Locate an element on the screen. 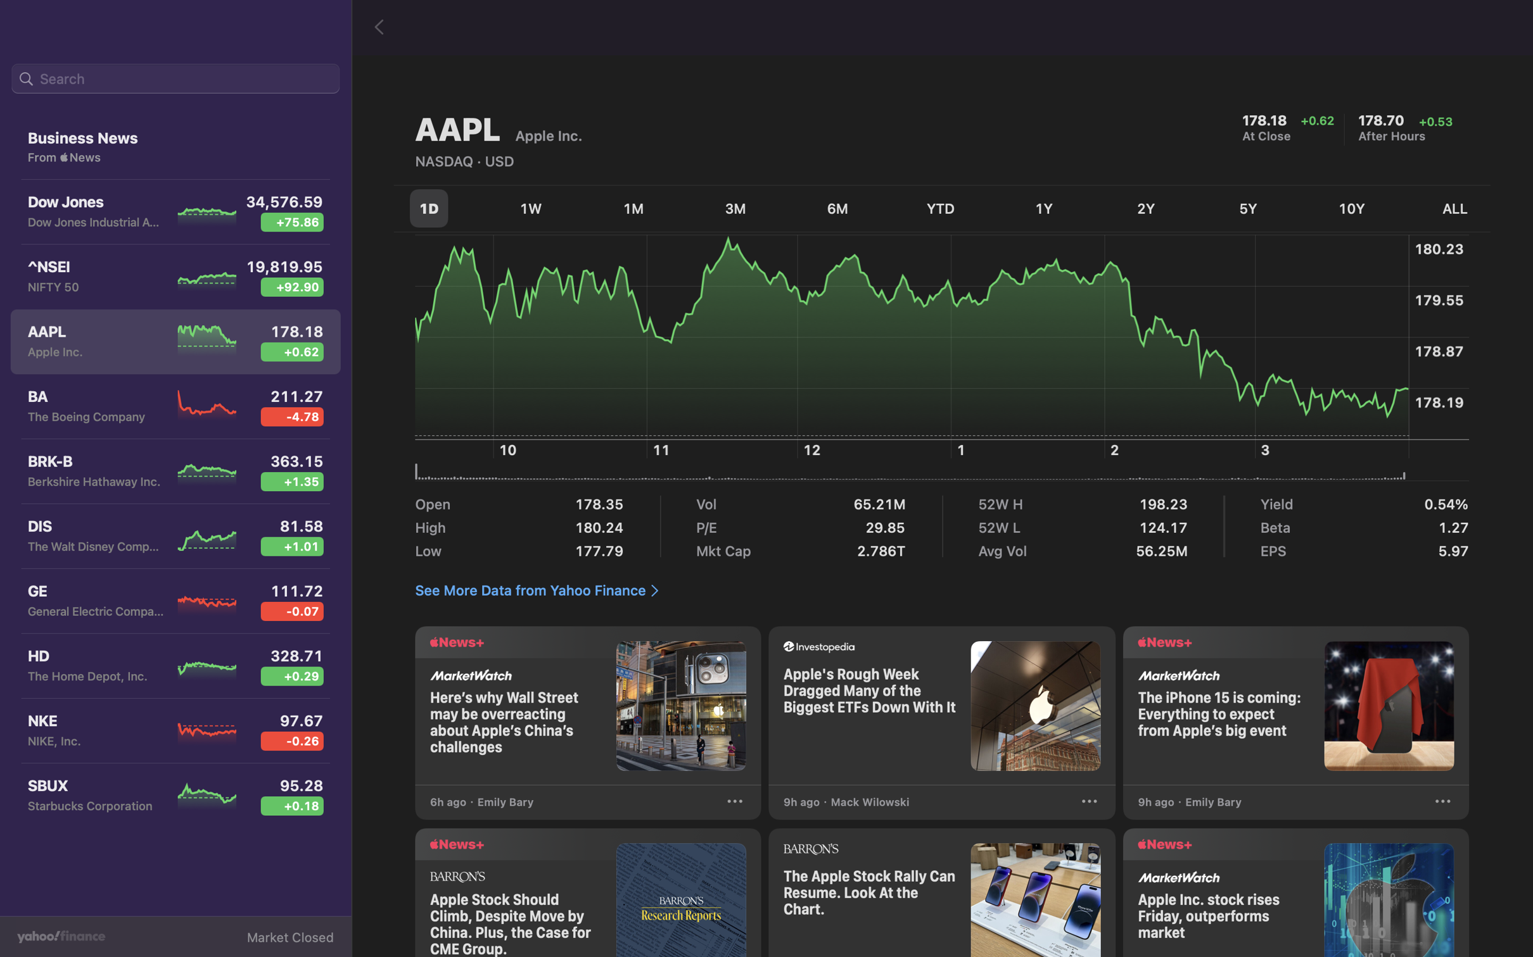  the "3 dots" button to reveal additional options is located at coordinates (1442, 803).